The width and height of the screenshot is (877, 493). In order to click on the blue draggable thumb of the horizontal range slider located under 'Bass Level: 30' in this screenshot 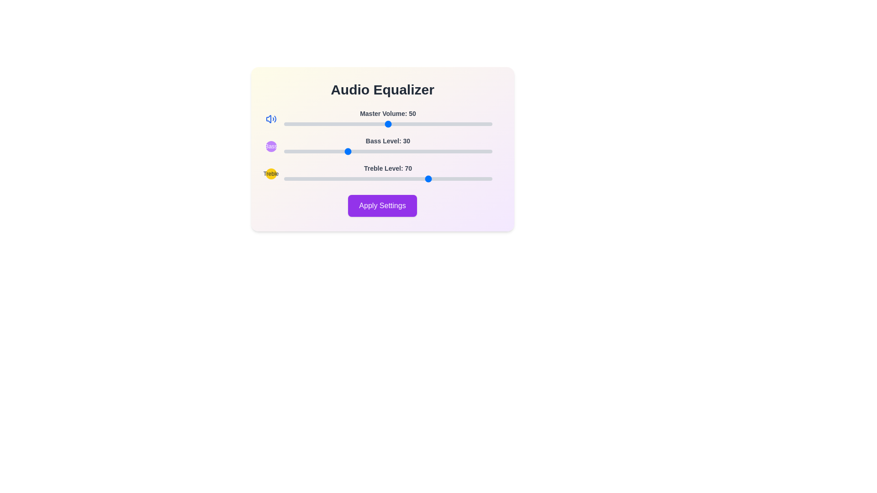, I will do `click(388, 151)`.